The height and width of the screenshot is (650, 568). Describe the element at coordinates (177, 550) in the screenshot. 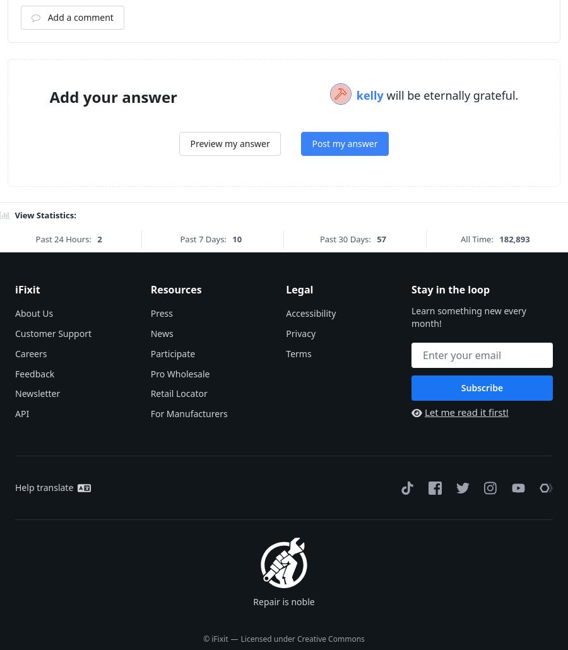

I see `'Retail Locator'` at that location.